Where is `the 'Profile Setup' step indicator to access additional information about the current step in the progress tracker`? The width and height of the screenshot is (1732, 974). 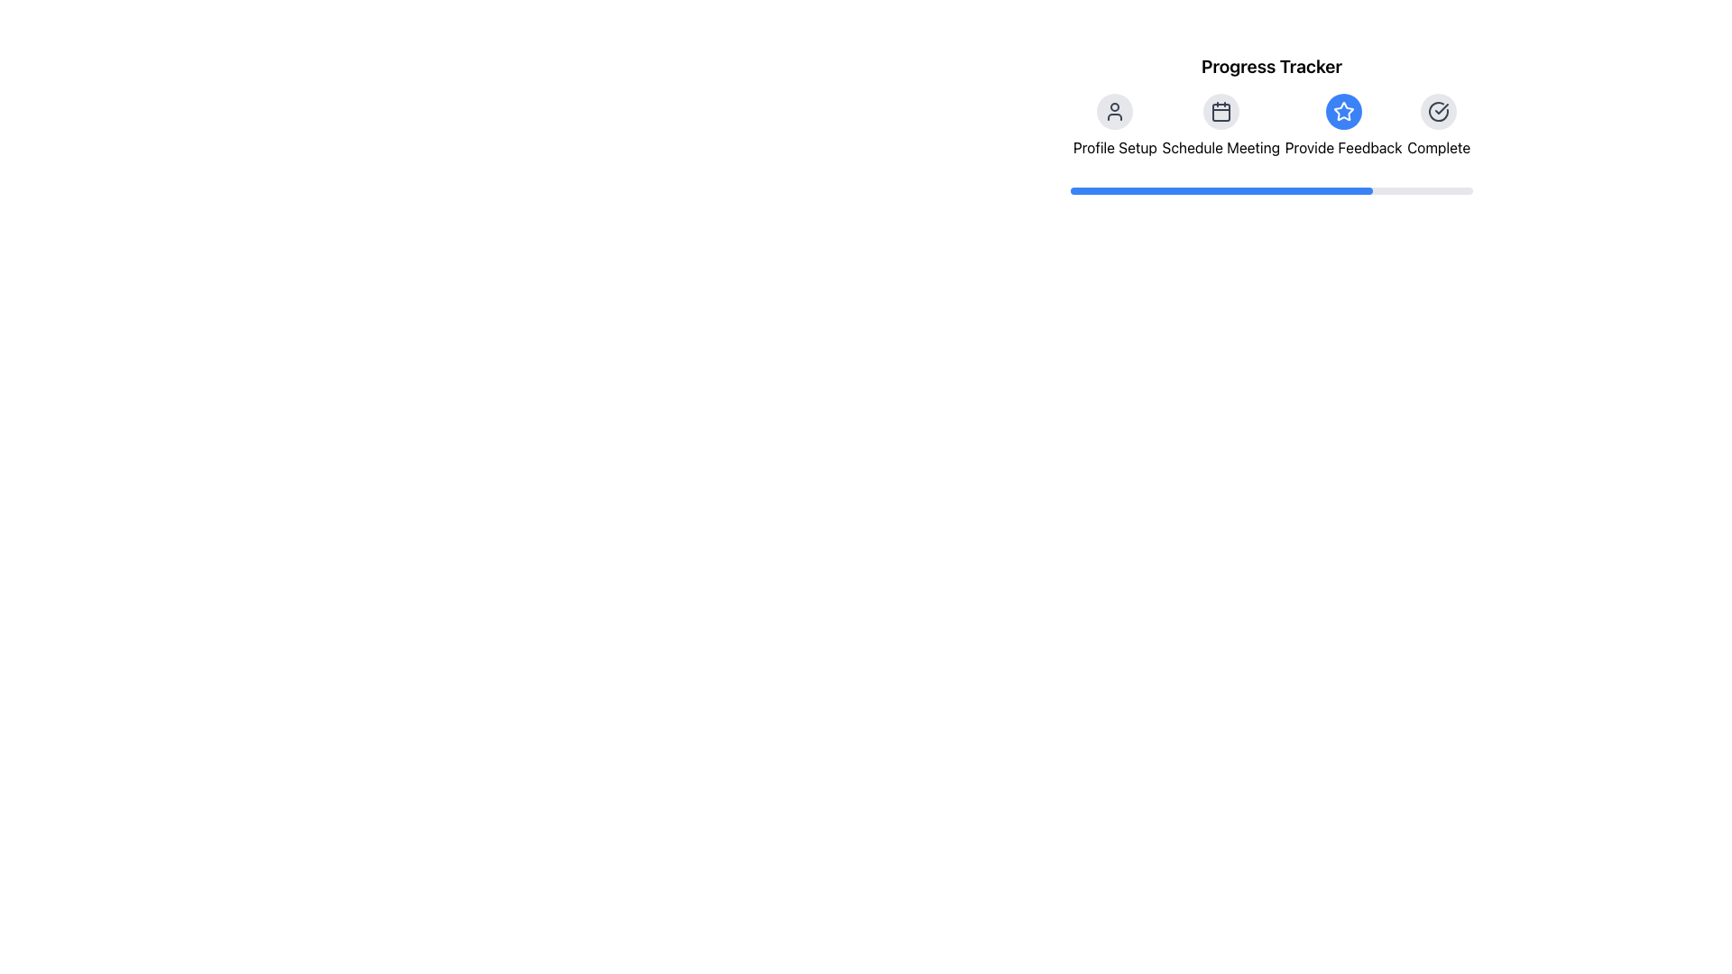
the 'Profile Setup' step indicator to access additional information about the current step in the progress tracker is located at coordinates (1114, 124).